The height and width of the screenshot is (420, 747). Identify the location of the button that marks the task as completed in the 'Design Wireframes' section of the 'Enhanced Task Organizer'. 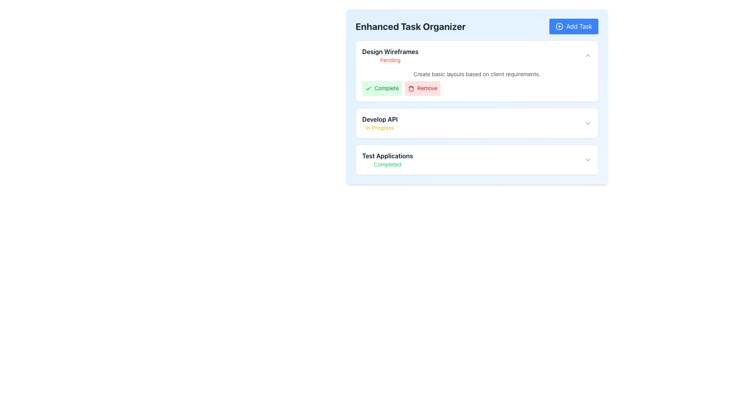
(382, 88).